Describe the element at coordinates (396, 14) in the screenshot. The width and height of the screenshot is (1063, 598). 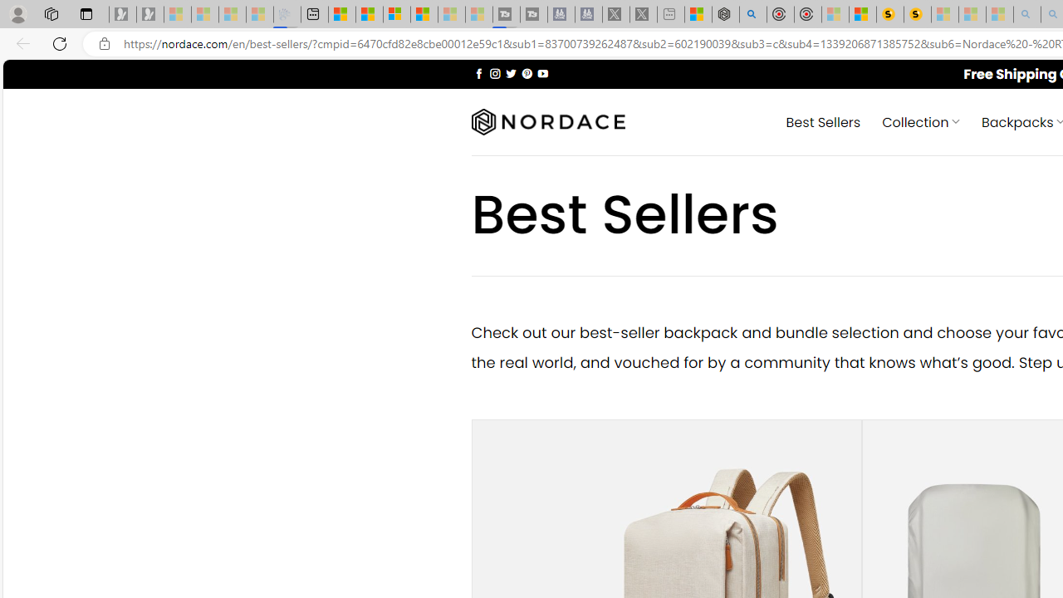
I see `'Overview'` at that location.